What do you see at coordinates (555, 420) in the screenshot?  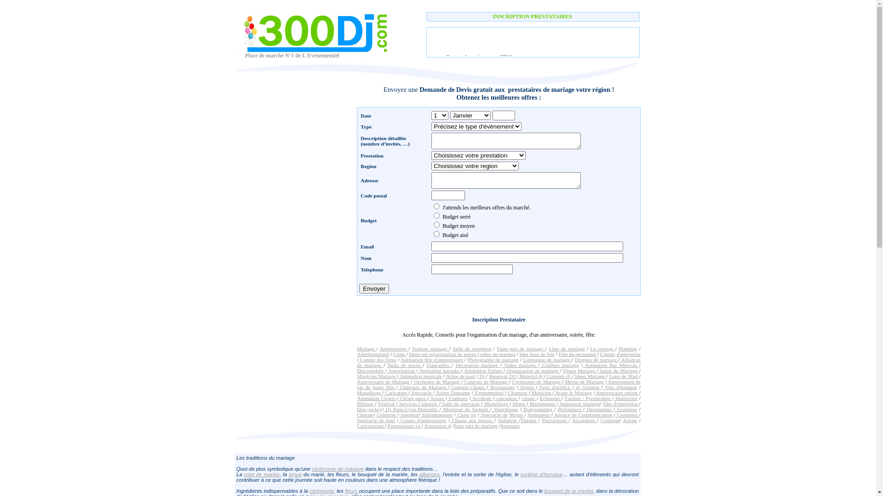 I see `'Percussions'` at bounding box center [555, 420].